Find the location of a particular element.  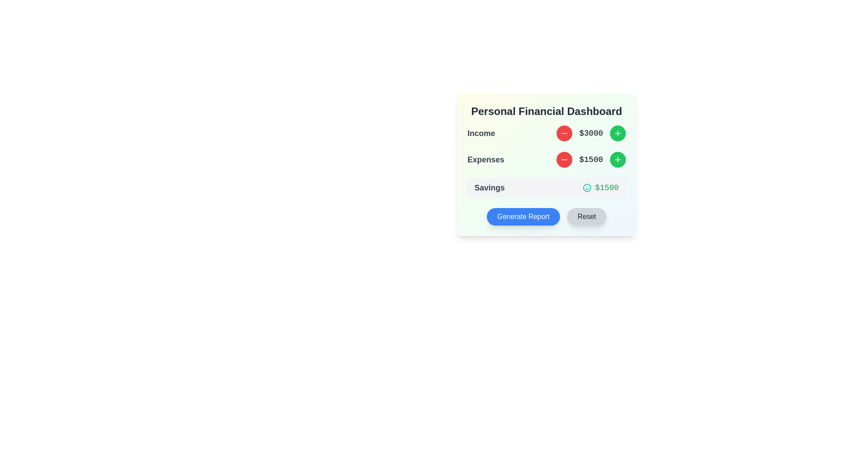

the 'Generate Report' button located at the bottom of the 'Personal Financial Dashboard' section to initiate the report generation process is located at coordinates (546, 216).